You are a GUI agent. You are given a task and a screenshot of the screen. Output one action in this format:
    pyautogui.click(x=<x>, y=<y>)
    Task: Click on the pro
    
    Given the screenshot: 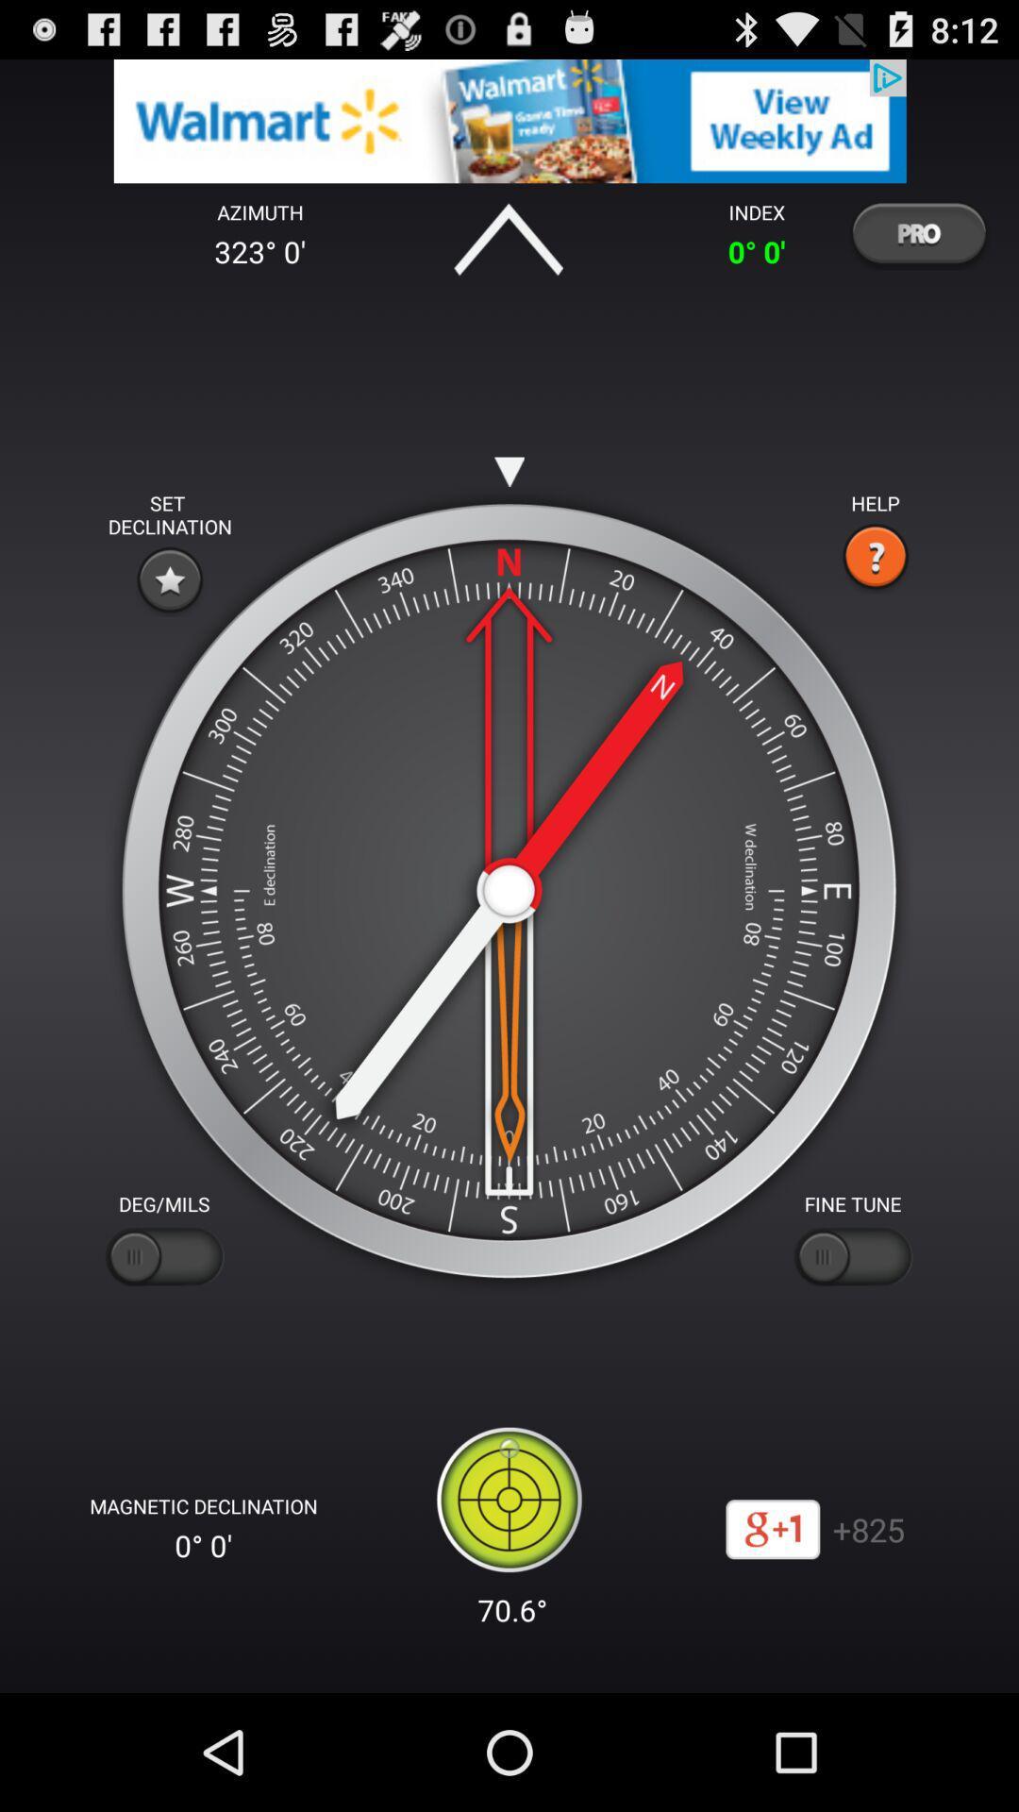 What is the action you would take?
    pyautogui.click(x=917, y=232)
    